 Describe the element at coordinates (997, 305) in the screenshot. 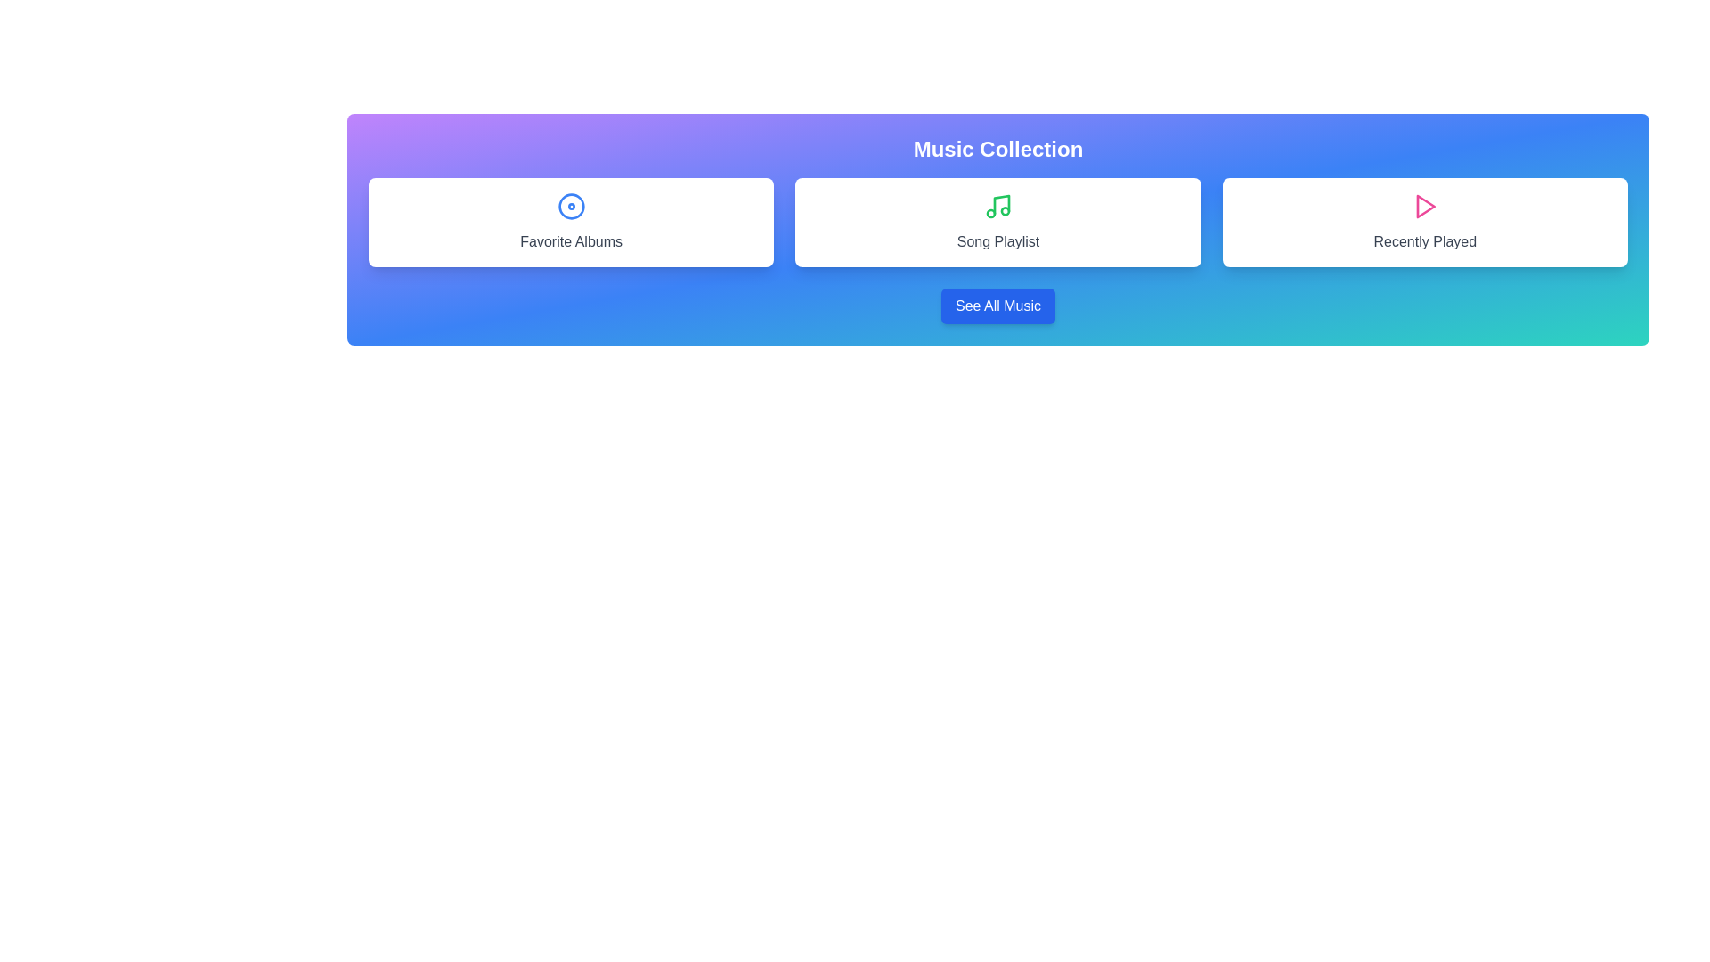

I see `the rectangular button labeled 'See All Music' with white text on a blue background, located at the bottom center of the 'Music Collection' section` at that location.